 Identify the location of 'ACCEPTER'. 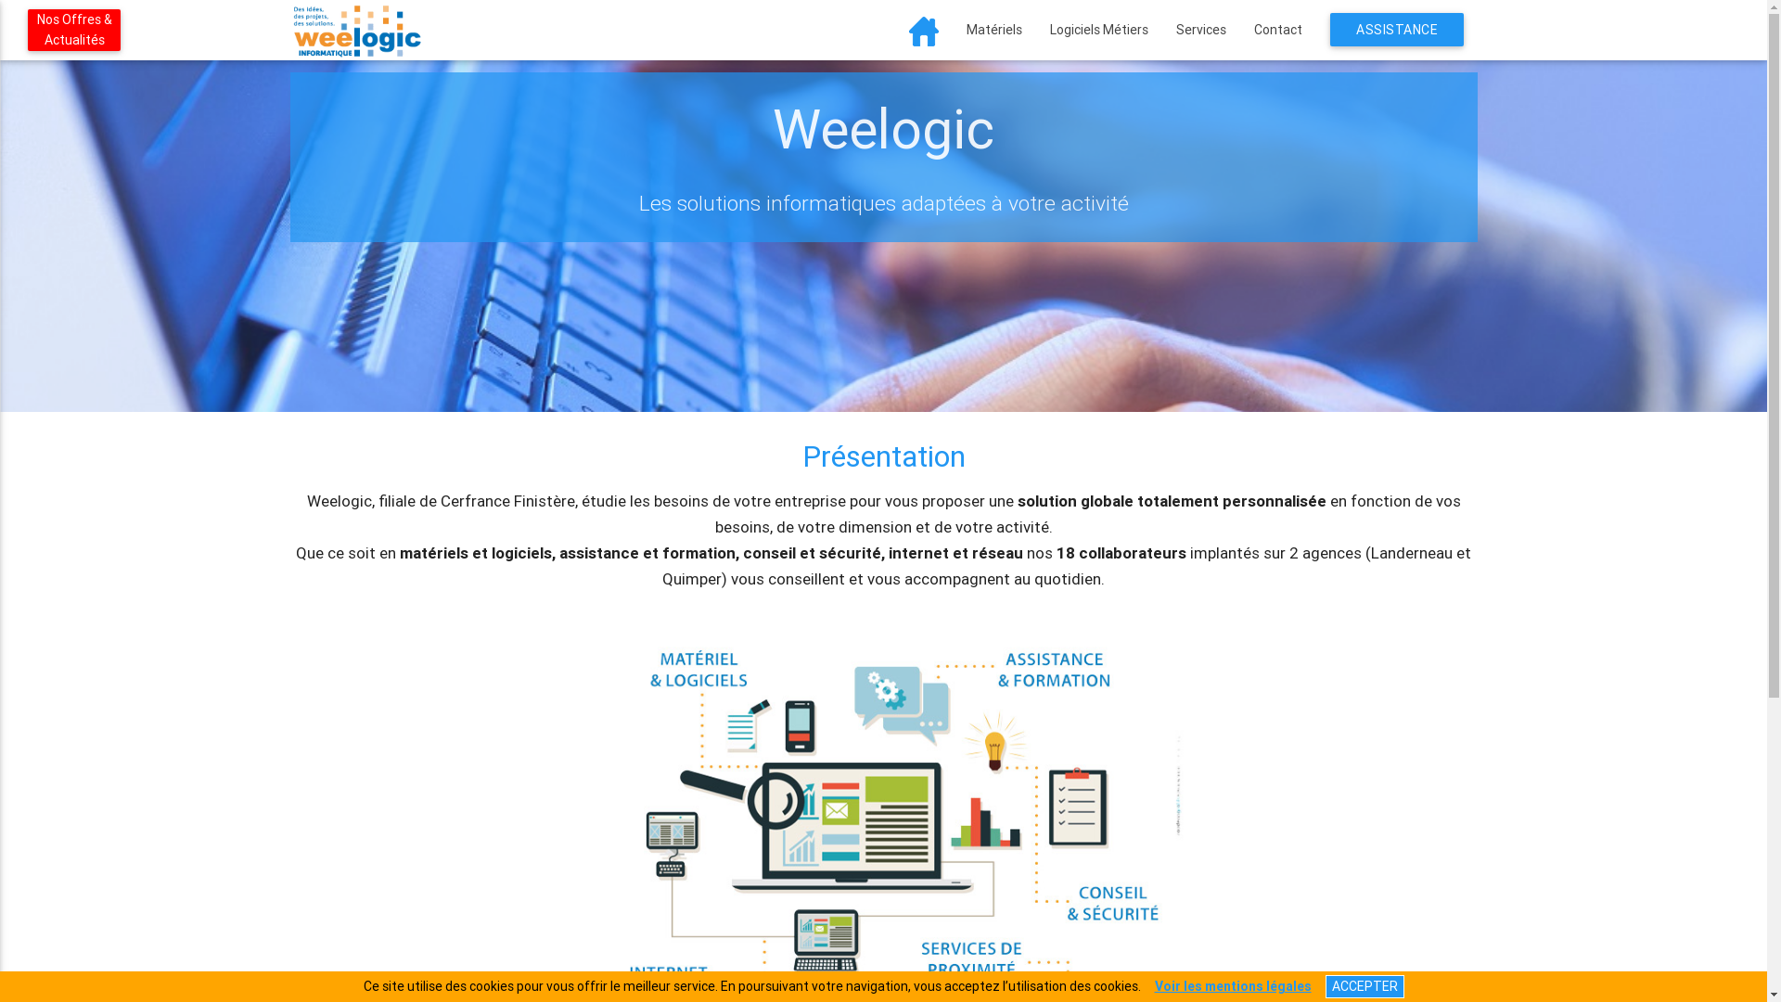
(1324, 985).